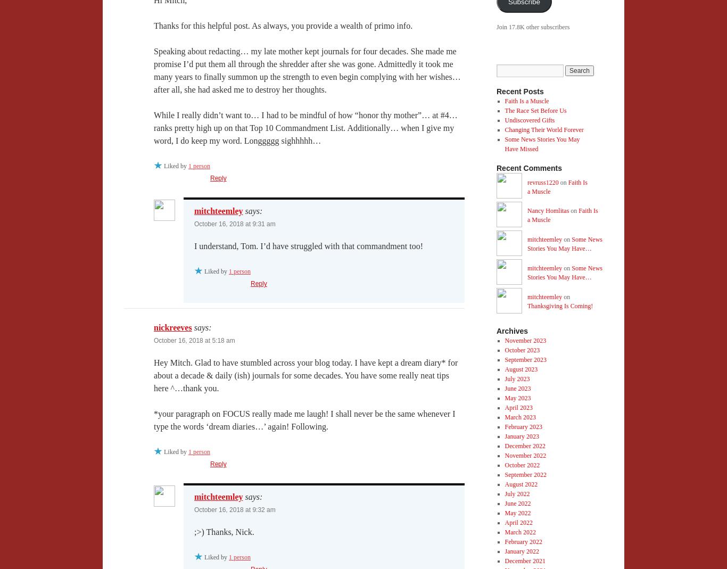 The height and width of the screenshot is (569, 727). What do you see at coordinates (517, 397) in the screenshot?
I see `'May 2023'` at bounding box center [517, 397].